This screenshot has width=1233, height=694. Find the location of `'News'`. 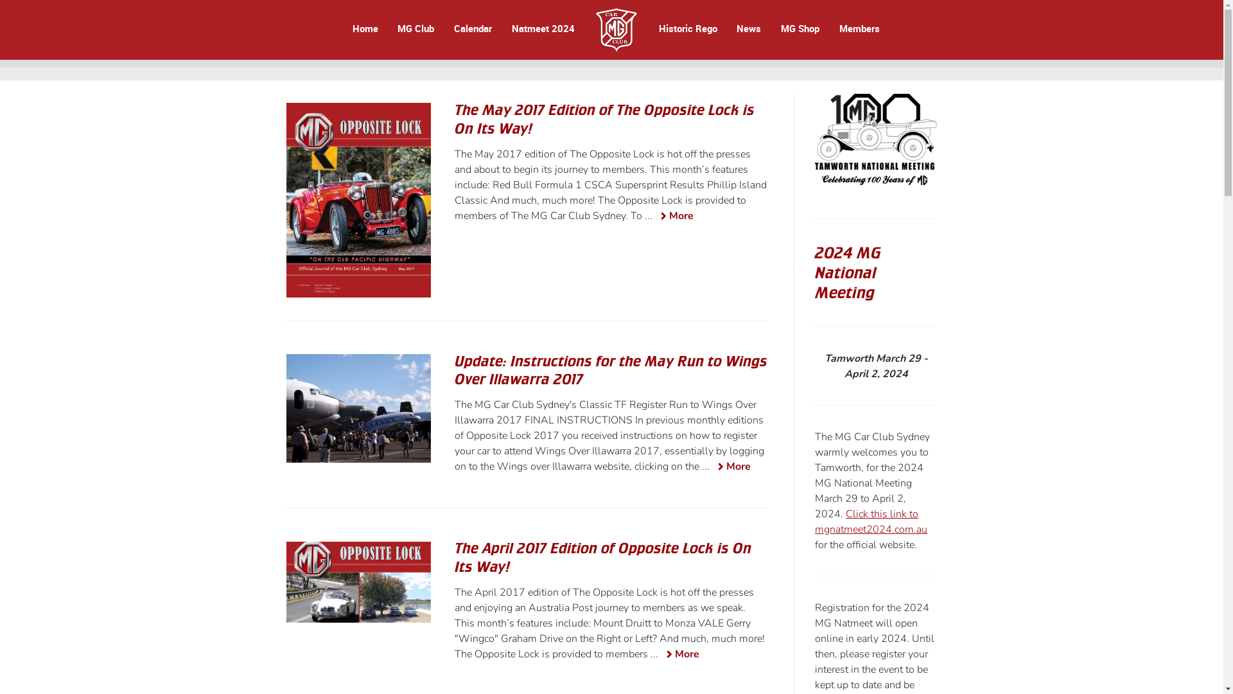

'News' is located at coordinates (749, 28).